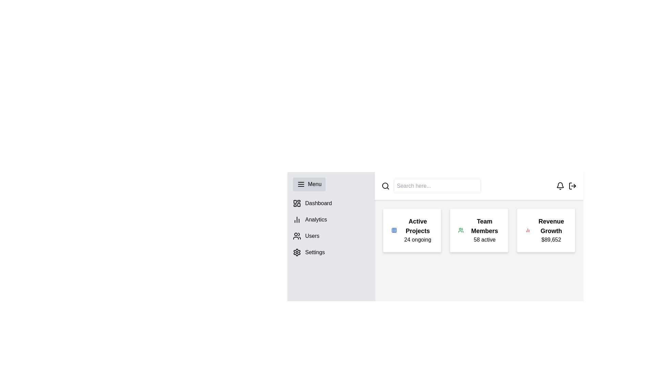 The image size is (654, 368). What do you see at coordinates (417, 230) in the screenshot?
I see `informational text block displaying the current number of active projects ('24 ongoing') located in the first card section of the dashboard interface` at bounding box center [417, 230].